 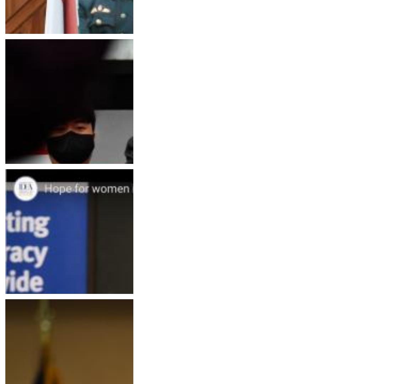 I want to click on 'Editorial / Opinion Piece / Blog Post', so click(x=51, y=41).